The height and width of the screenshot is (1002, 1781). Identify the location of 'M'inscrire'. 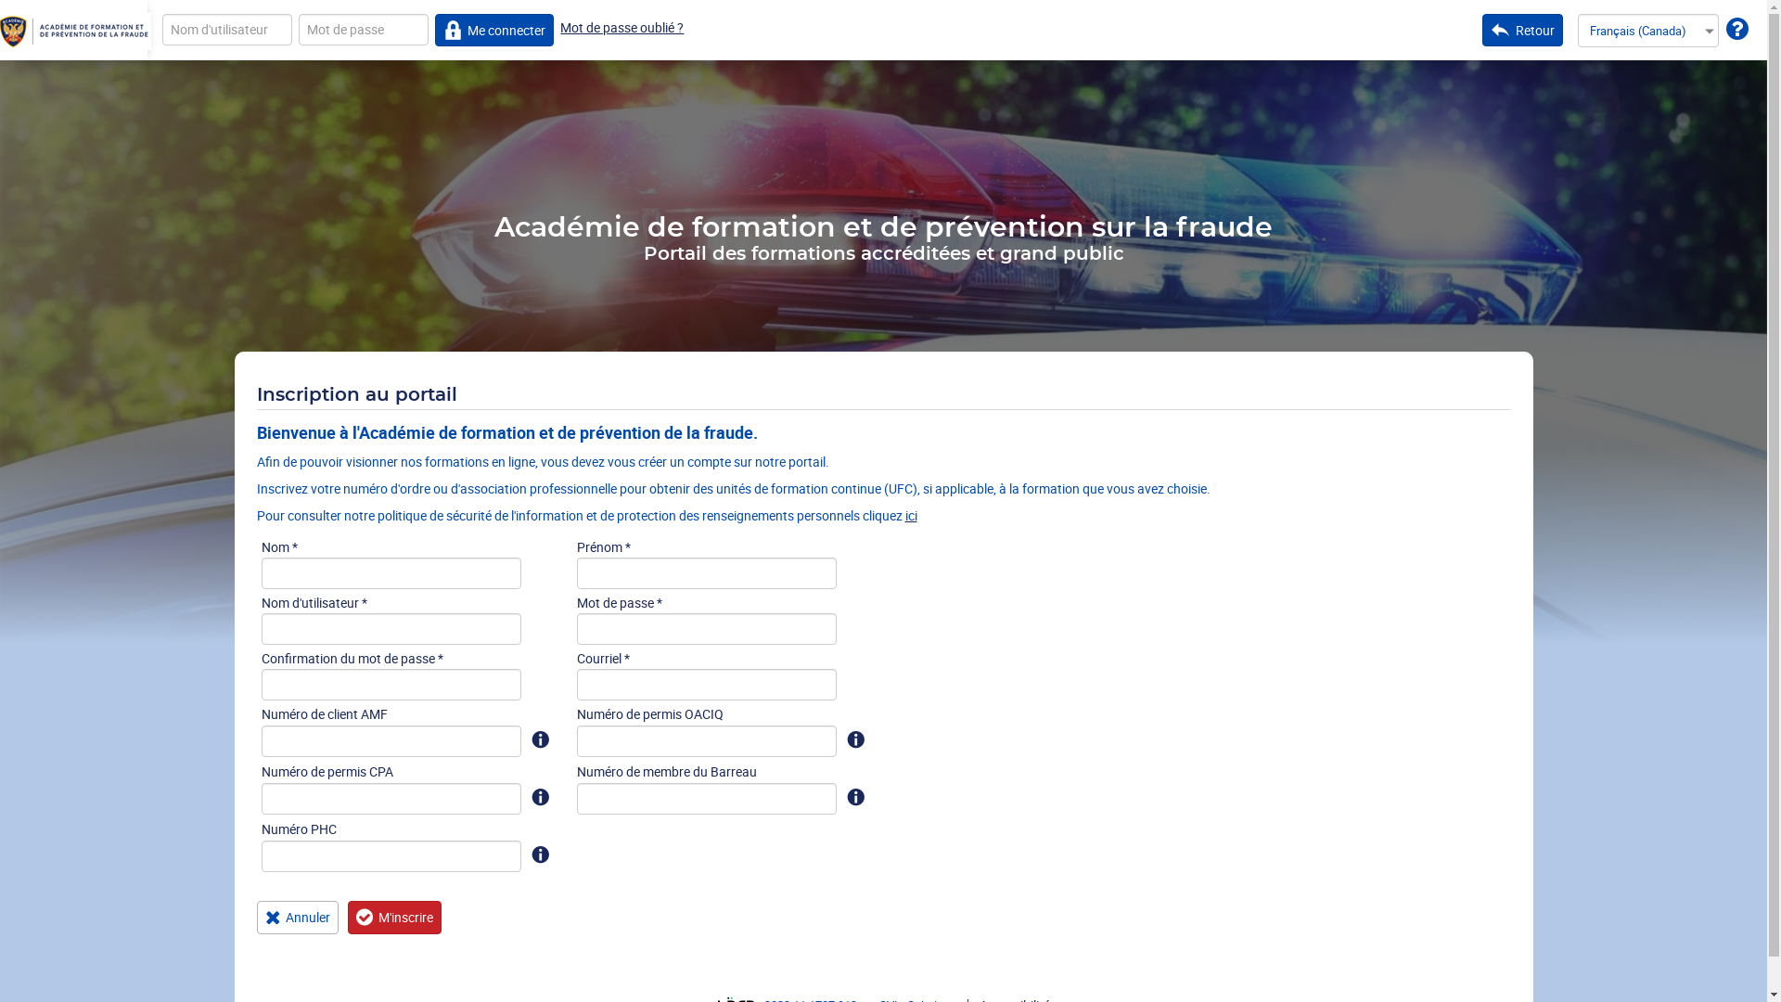
(393, 916).